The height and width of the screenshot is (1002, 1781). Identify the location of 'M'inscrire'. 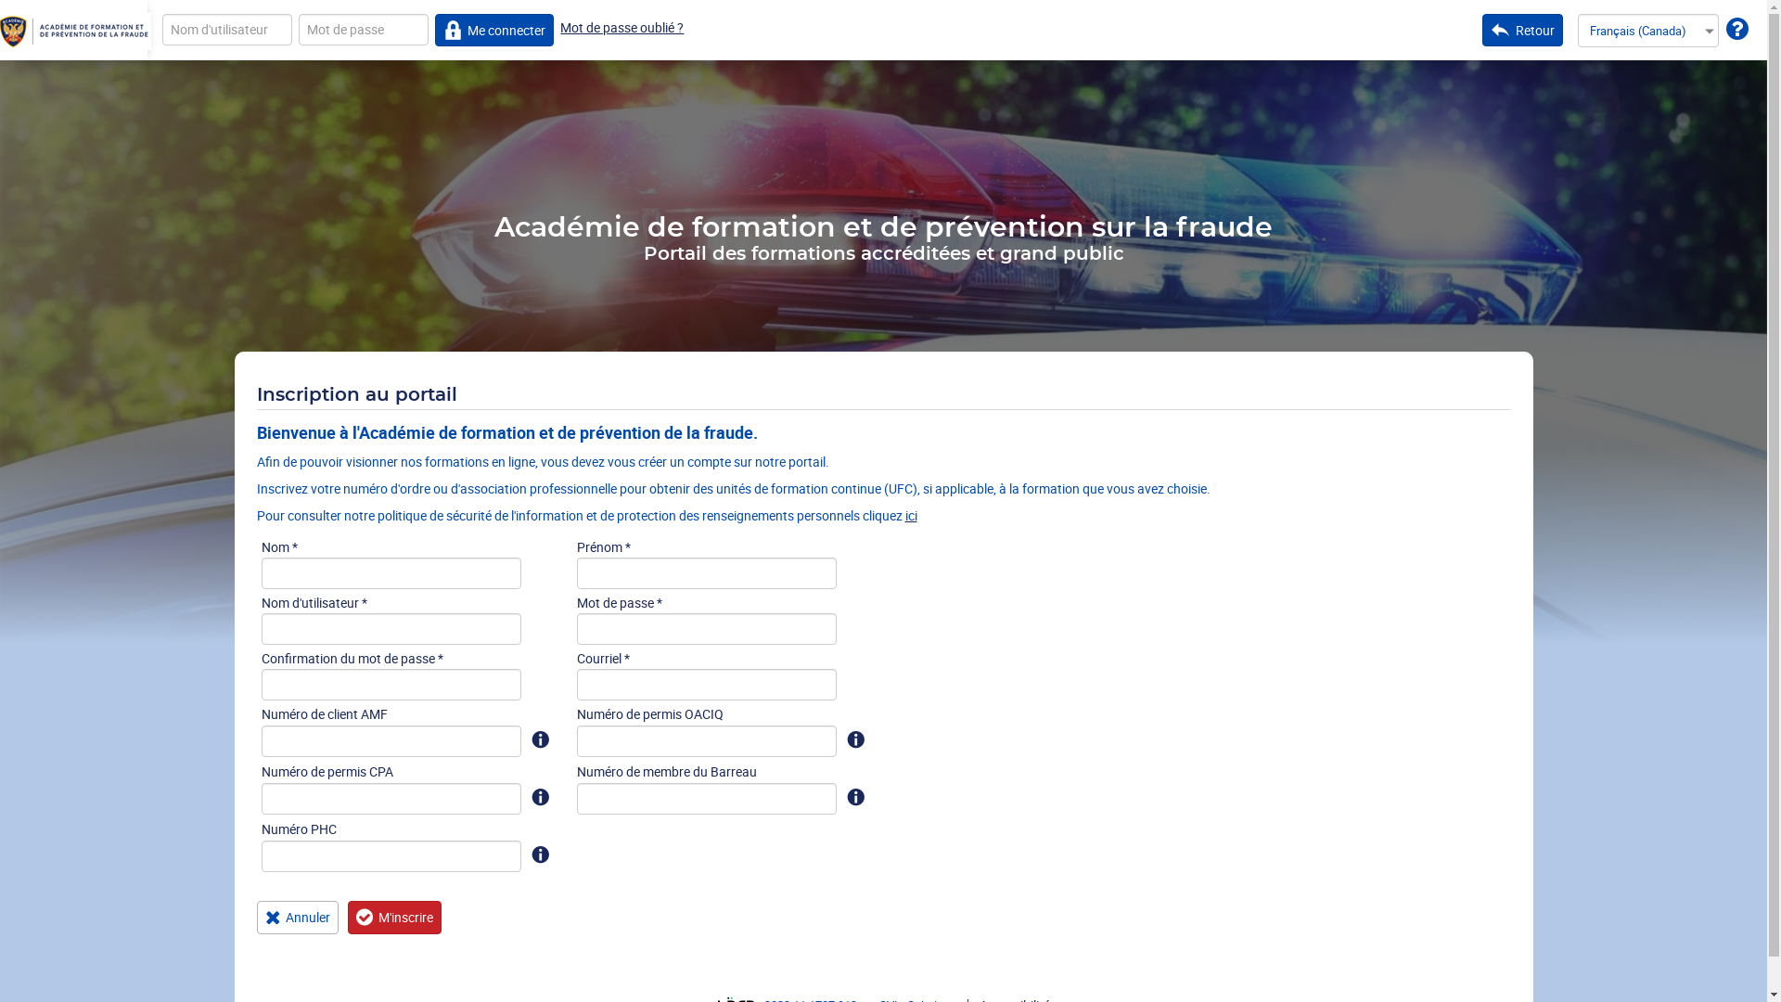
(393, 916).